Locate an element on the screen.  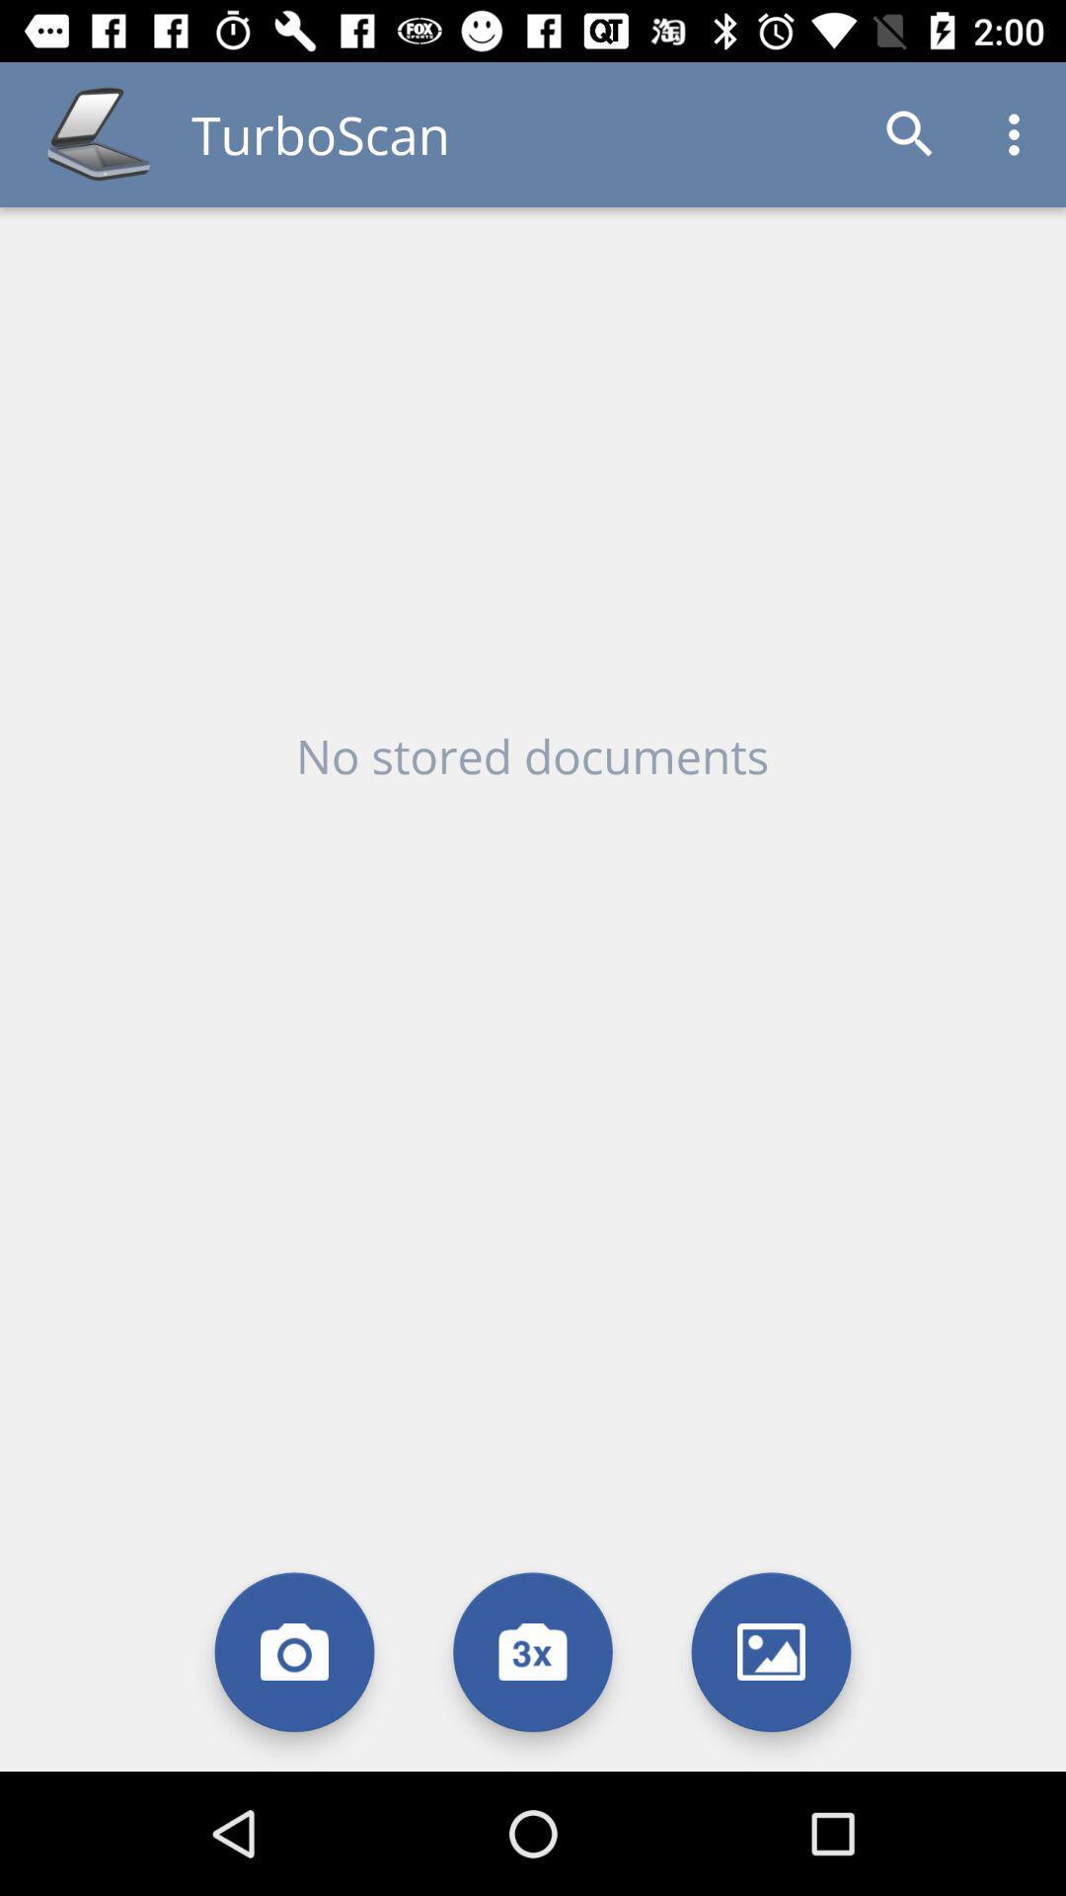
icon below the no stored documents item is located at coordinates (294, 1652).